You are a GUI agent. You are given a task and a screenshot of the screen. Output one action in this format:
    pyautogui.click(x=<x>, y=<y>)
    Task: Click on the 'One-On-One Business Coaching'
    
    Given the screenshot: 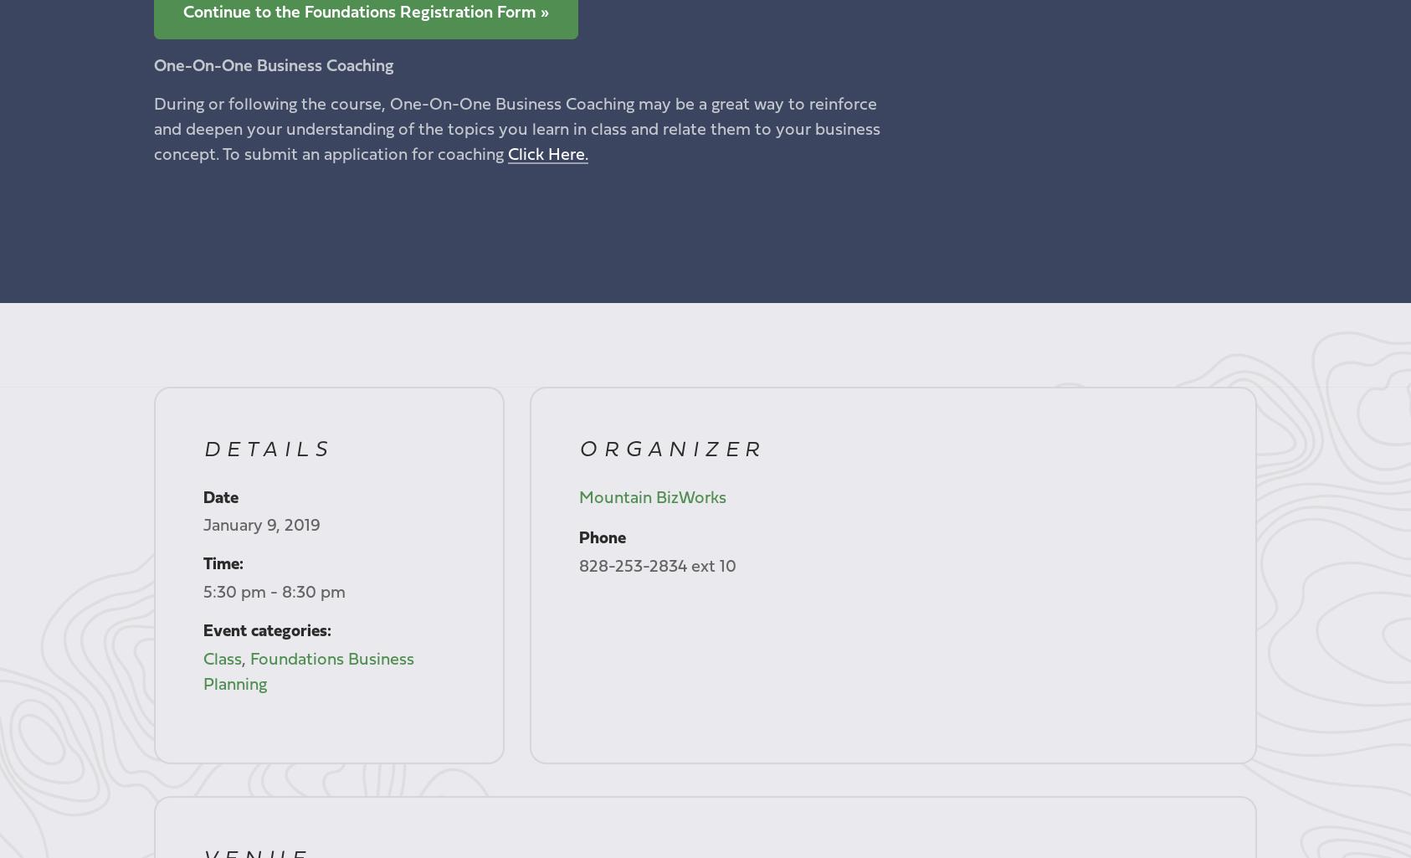 What is the action you would take?
    pyautogui.click(x=272, y=65)
    